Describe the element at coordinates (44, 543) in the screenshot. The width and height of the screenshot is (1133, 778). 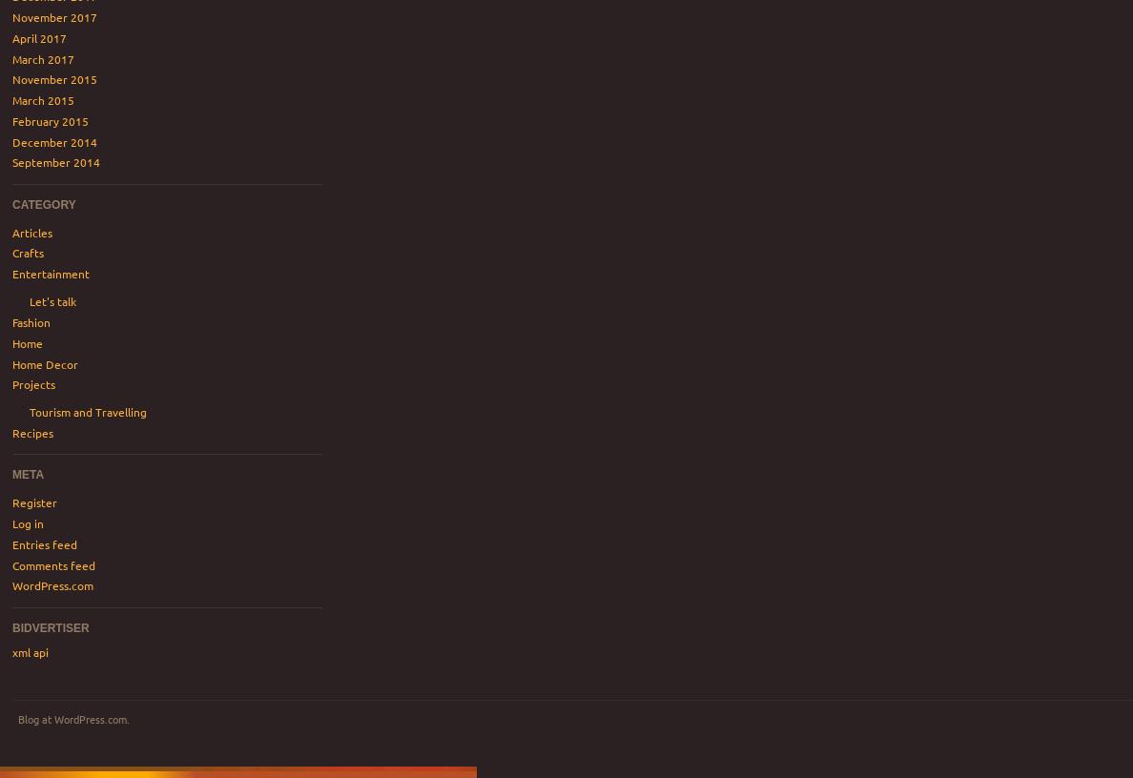
I see `'Entries feed'` at that location.